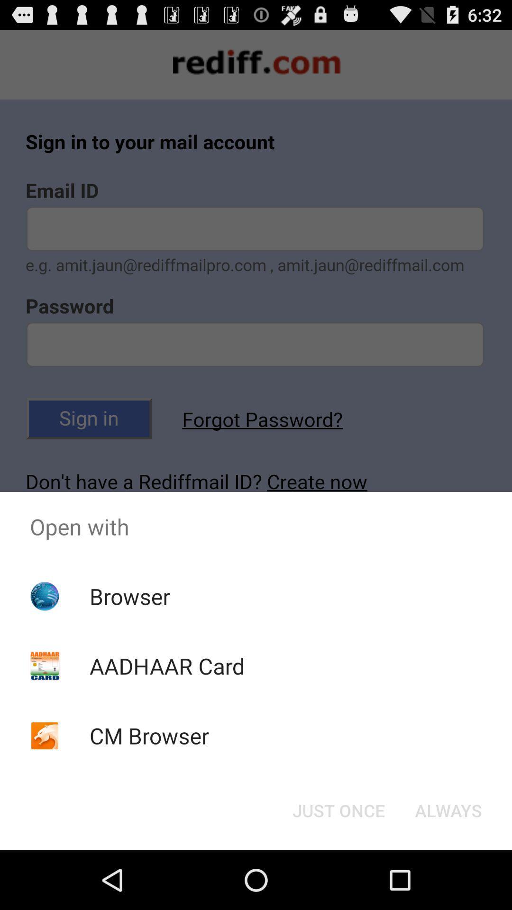  I want to click on cm browser icon, so click(149, 735).